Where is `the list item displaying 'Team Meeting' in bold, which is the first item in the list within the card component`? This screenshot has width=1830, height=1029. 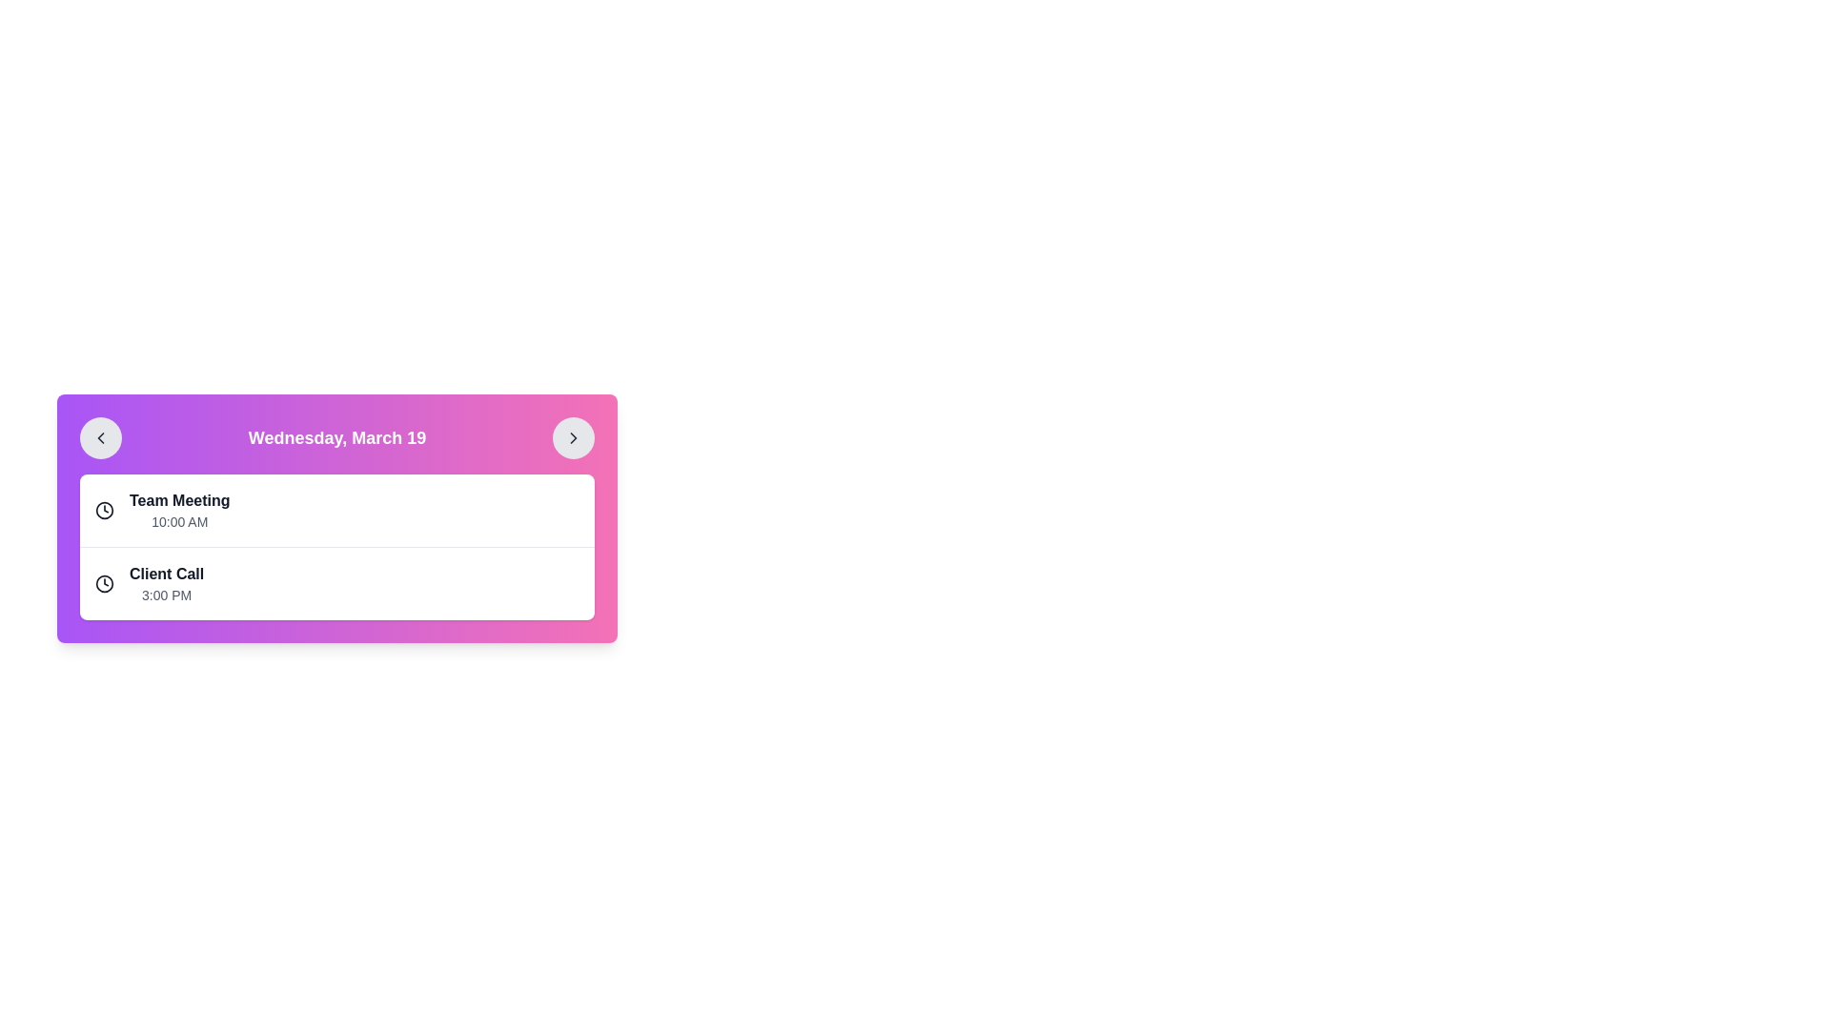
the list item displaying 'Team Meeting' in bold, which is the first item in the list within the card component is located at coordinates (179, 510).